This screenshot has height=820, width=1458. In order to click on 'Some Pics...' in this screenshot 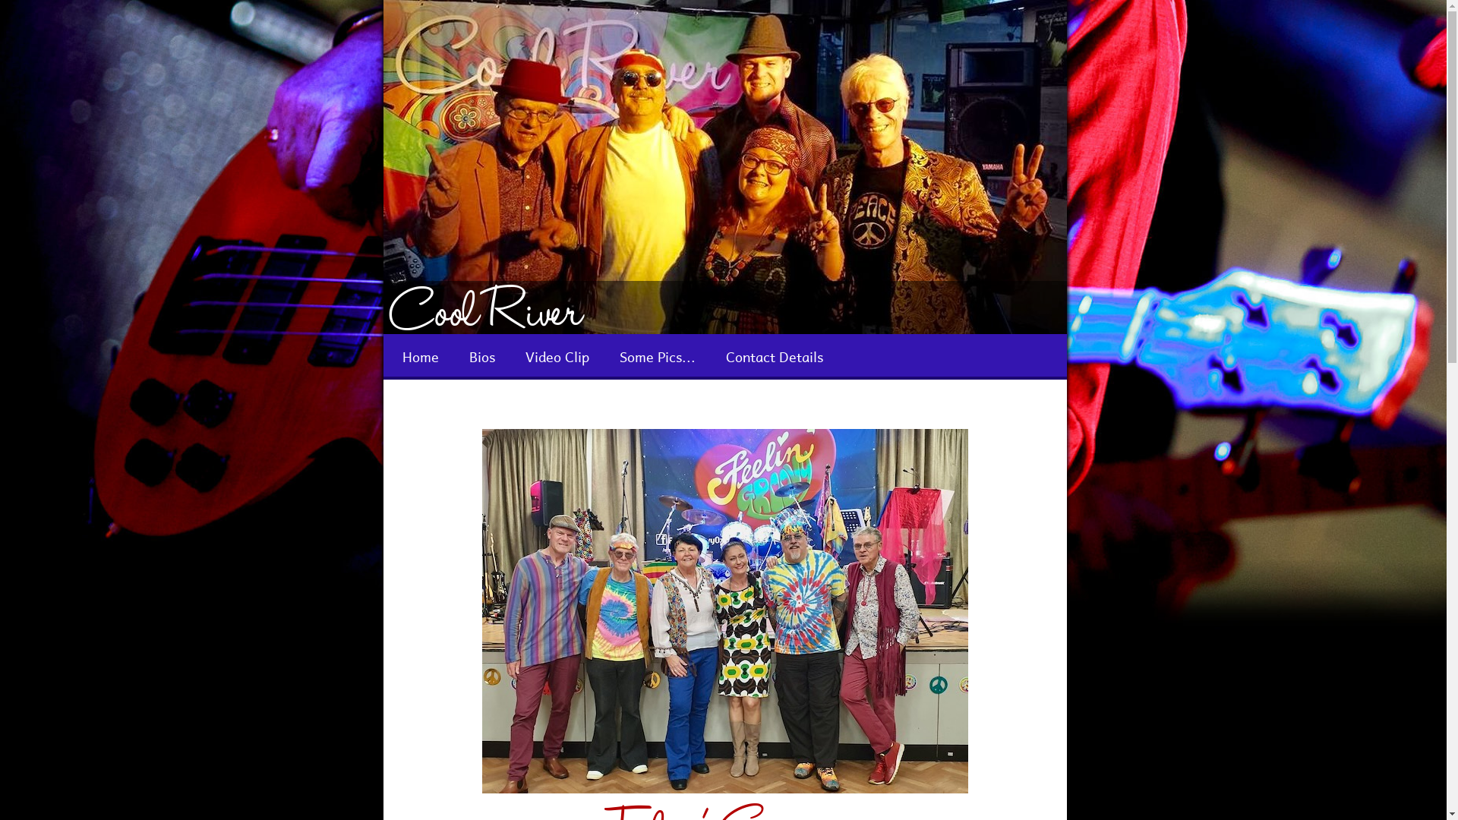, I will do `click(657, 357)`.